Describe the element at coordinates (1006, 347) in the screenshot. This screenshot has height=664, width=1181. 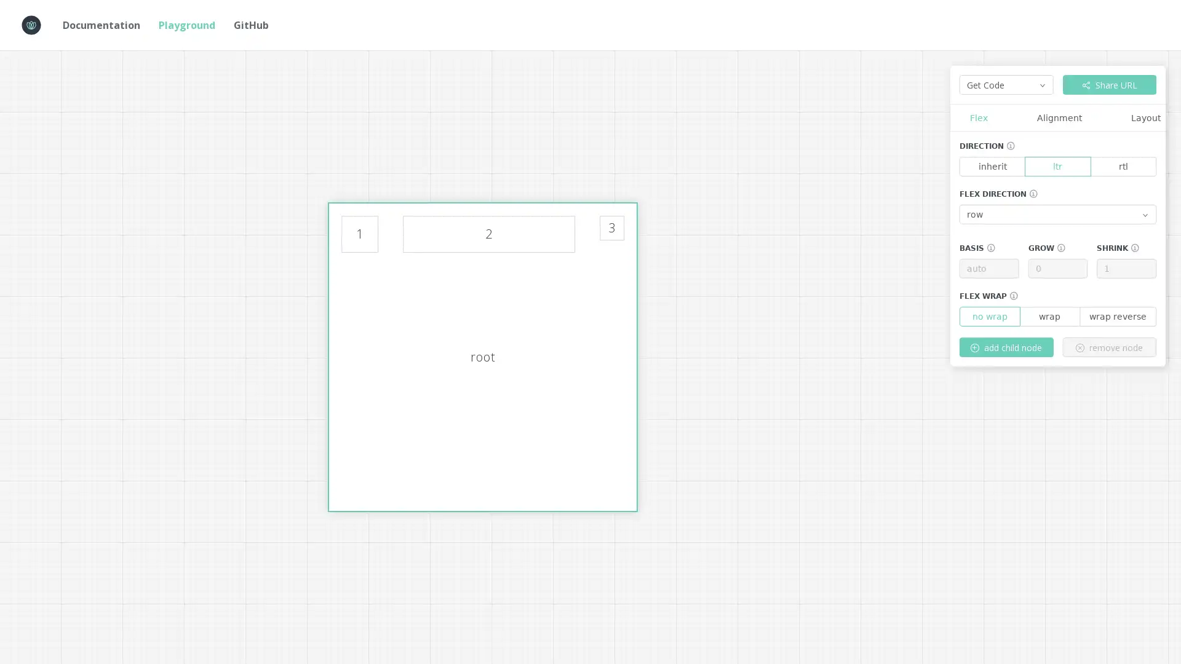
I see `add child node` at that location.